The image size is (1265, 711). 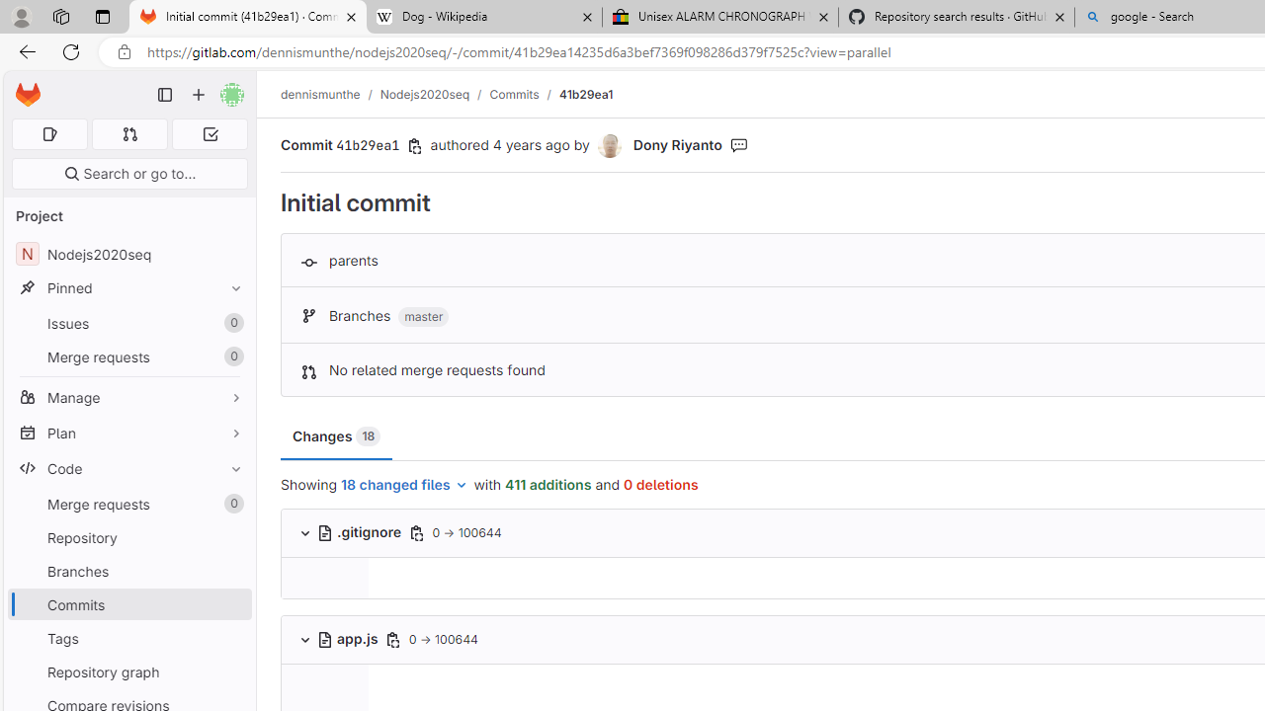 I want to click on 'Class: s16', so click(x=324, y=639).